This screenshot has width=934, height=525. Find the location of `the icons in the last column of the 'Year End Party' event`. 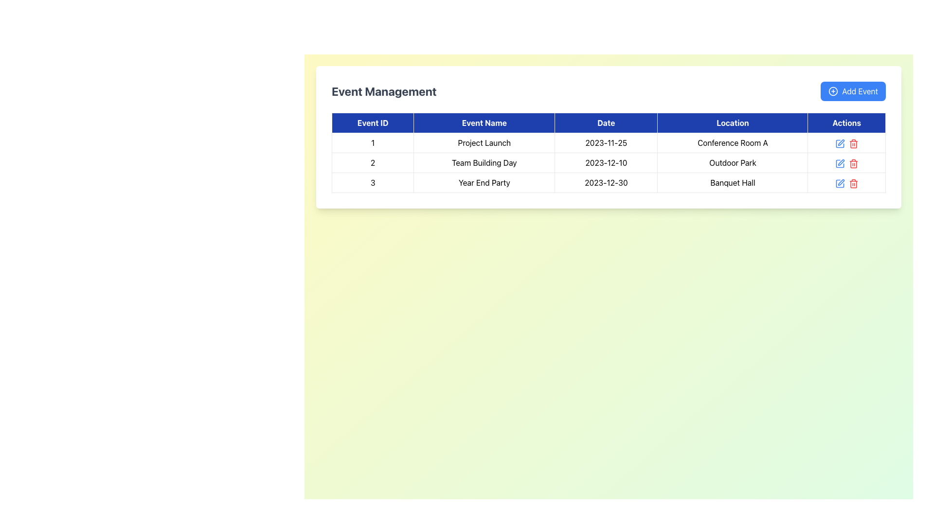

the icons in the last column of the 'Year End Party' event is located at coordinates (846, 182).